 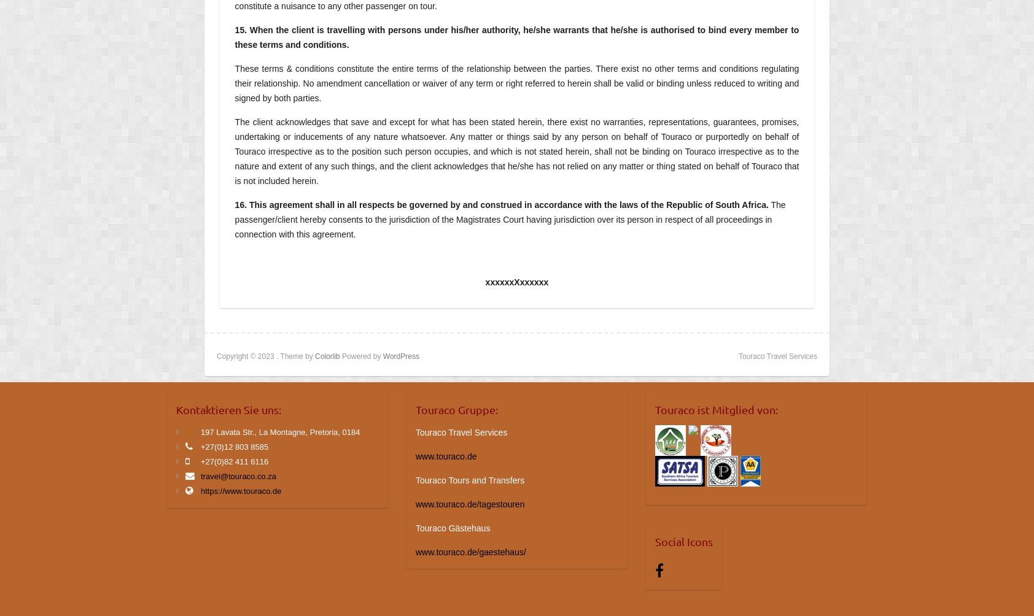 I want to click on 'The client acknowledges that save and except for what has been stated herein, there exist no warranties, representations, guarantees, promises, undertaking or inducements of any nature whatsoever. Any matter or things said by any person on behalf of Touraco or purportedly on behalf of Touraco irrespective as to the position such person occupies, and which is not stated herein, shall not be binding on Touraco irrespective as to the nature and extent of any such things, and the client acknowledges that he/she has not relied on any matter or thing stated on behalf of Touraco that is not included herein.', so click(x=516, y=150).